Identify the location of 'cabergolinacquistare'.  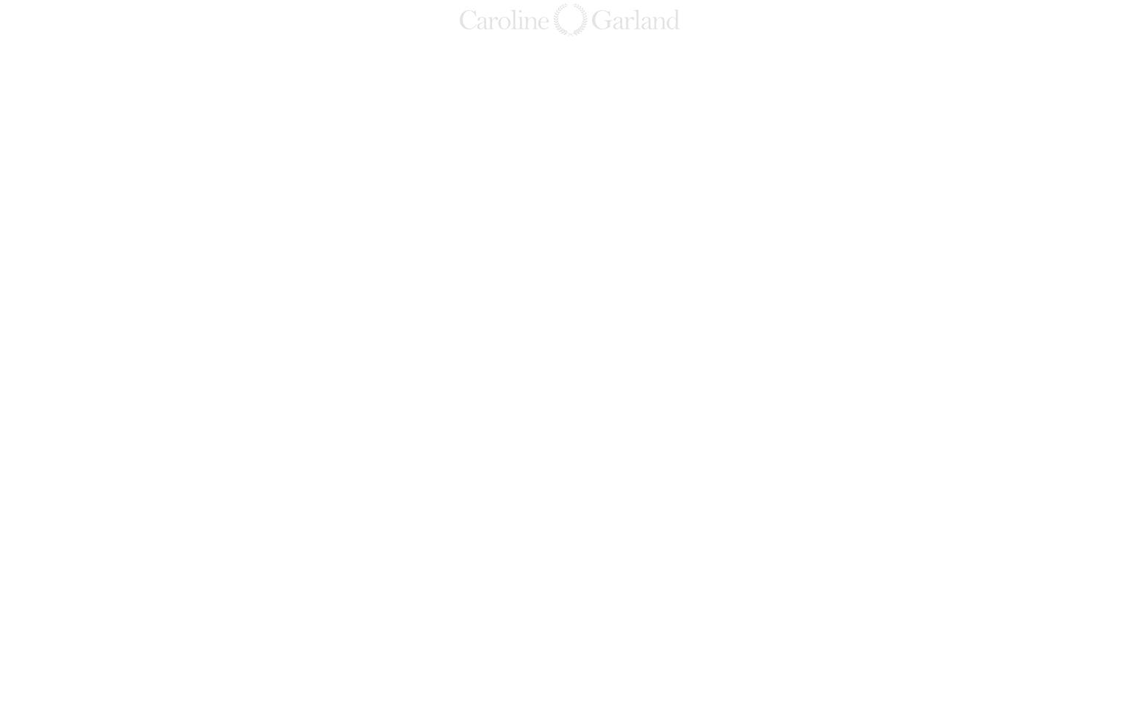
(913, 326).